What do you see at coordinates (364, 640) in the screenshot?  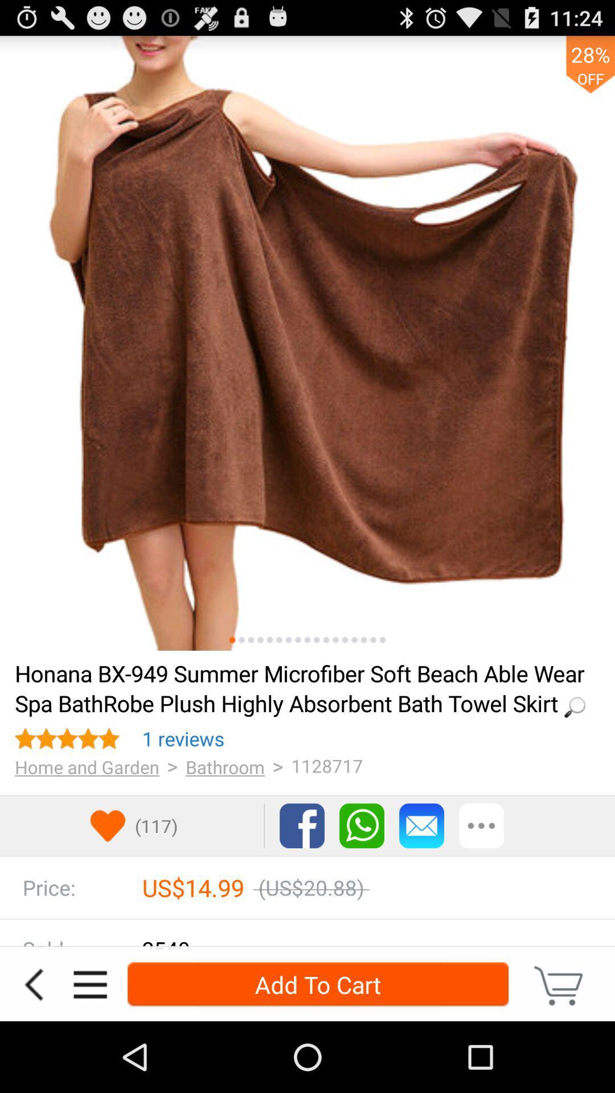 I see `see image` at bounding box center [364, 640].